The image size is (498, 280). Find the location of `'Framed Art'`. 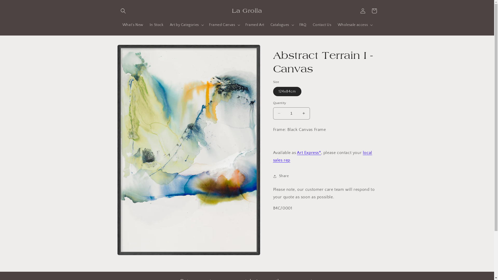

'Framed Art' is located at coordinates (255, 25).